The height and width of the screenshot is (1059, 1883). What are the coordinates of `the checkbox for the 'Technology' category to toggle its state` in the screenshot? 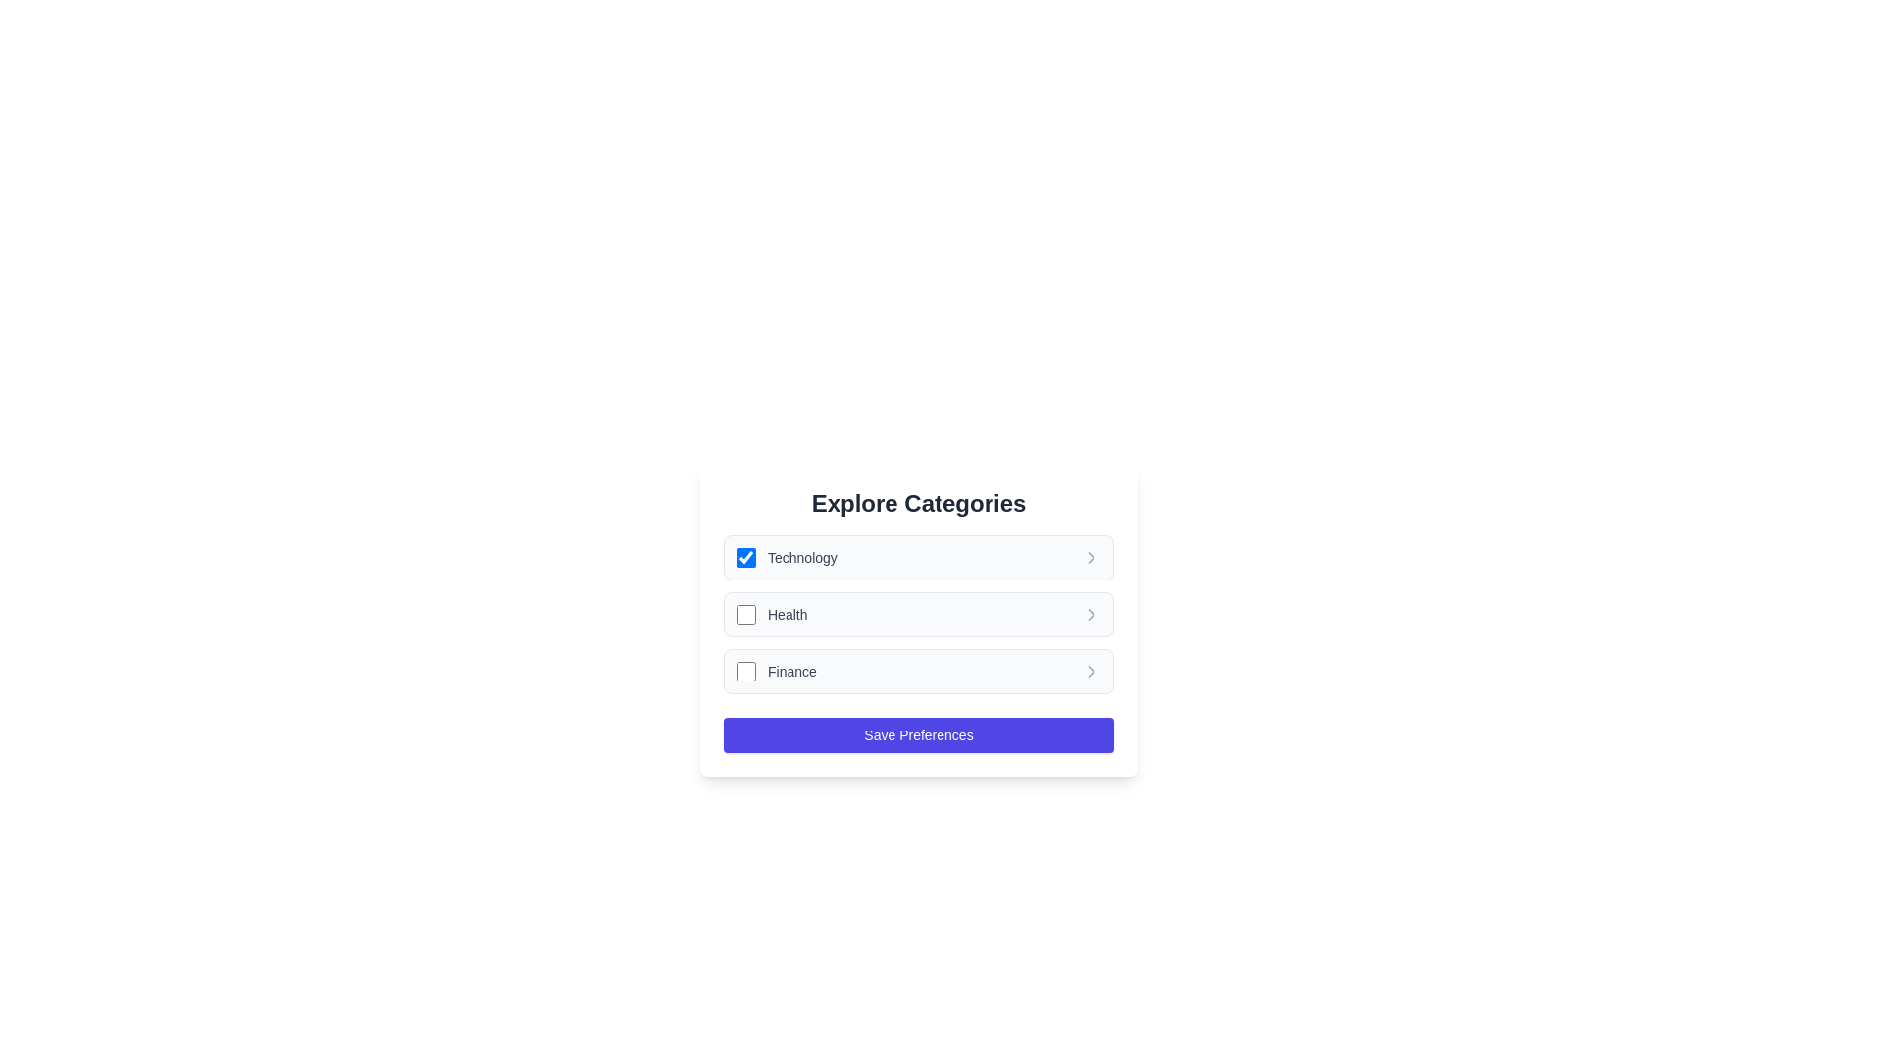 It's located at (745, 558).